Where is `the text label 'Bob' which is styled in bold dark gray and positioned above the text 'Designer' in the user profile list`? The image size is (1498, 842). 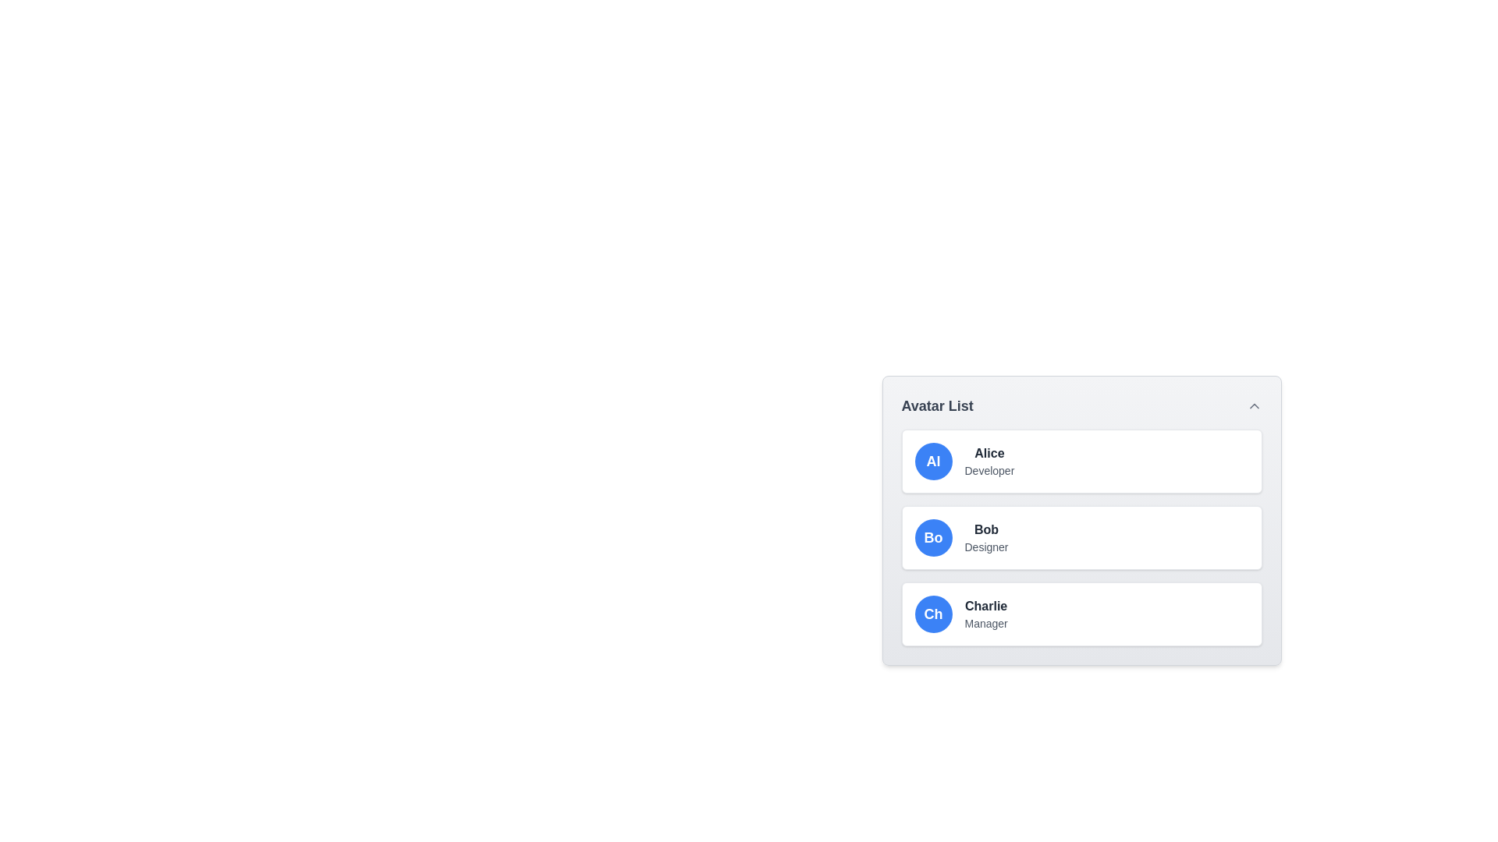
the text label 'Bob' which is styled in bold dark gray and positioned above the text 'Designer' in the user profile list is located at coordinates (985, 529).